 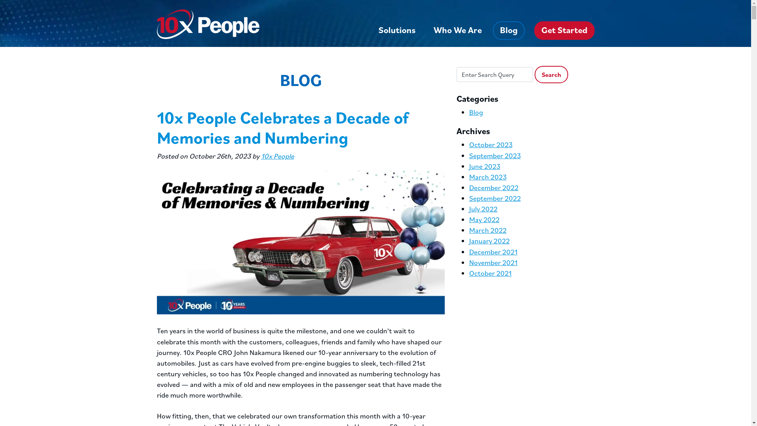 I want to click on '10x People Celebrates a Decade of Memories and Numbering', so click(x=282, y=127).